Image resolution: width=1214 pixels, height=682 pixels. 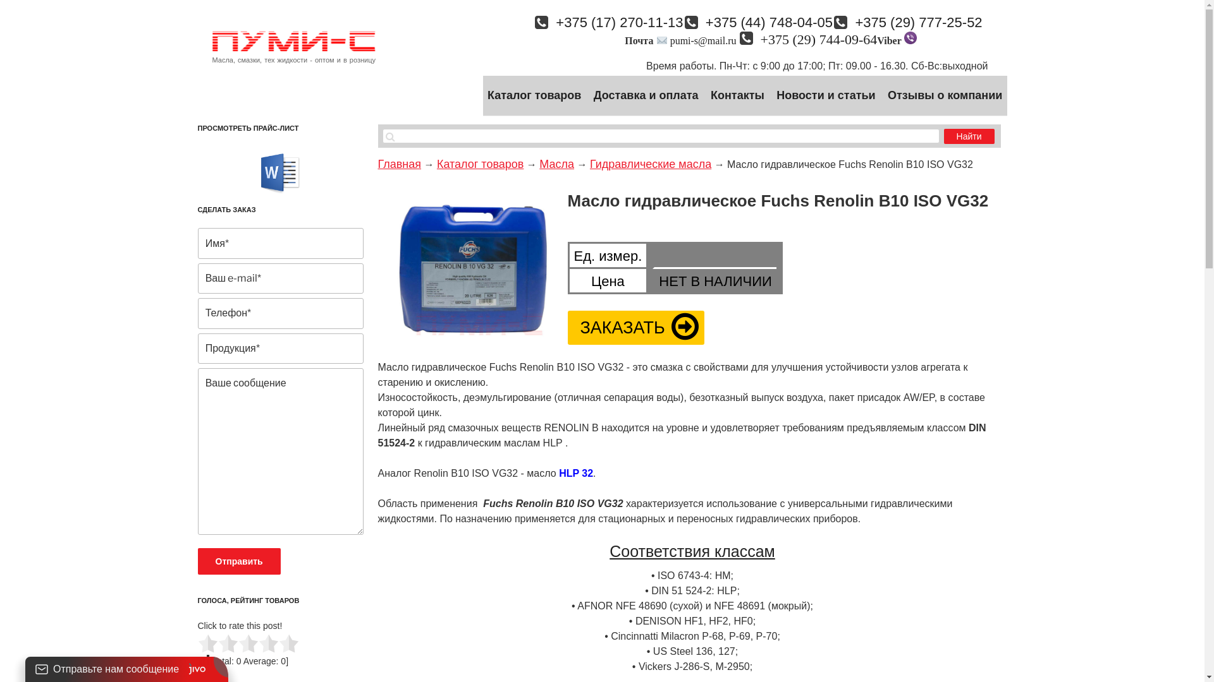 What do you see at coordinates (575, 473) in the screenshot?
I see `'HLP 32'` at bounding box center [575, 473].